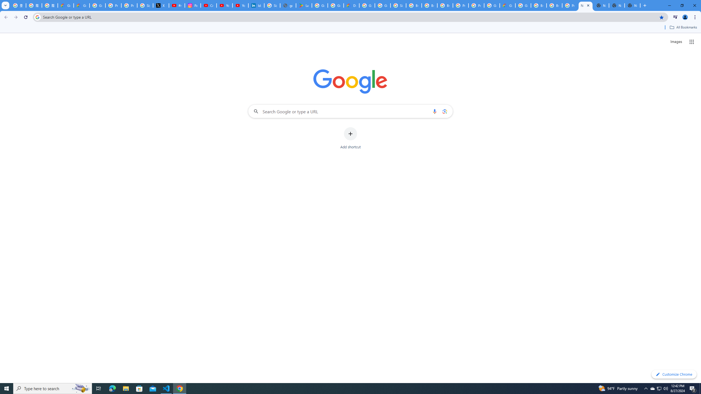  Describe the element at coordinates (538, 5) in the screenshot. I see `'Browse Chrome as a guest - Computer - Google Chrome Help'` at that location.